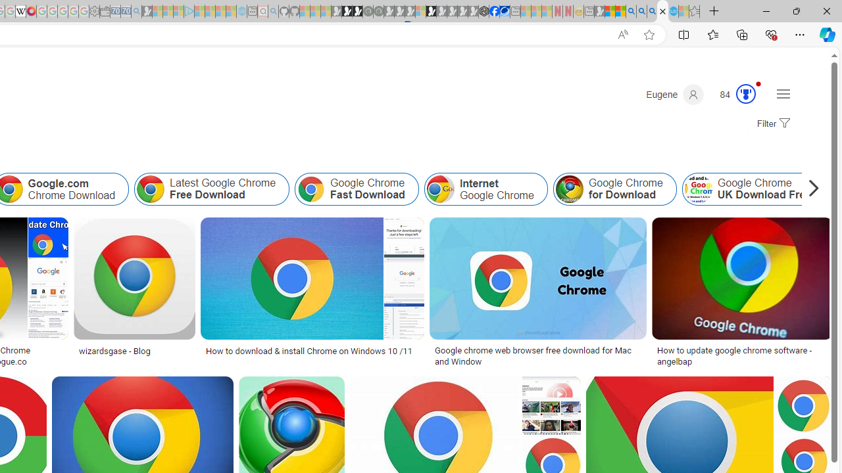 The image size is (842, 473). Describe the element at coordinates (241, 11) in the screenshot. I see `'Home | Sky Blue Bikes - Sky Blue Bikes - Sleeping'` at that location.